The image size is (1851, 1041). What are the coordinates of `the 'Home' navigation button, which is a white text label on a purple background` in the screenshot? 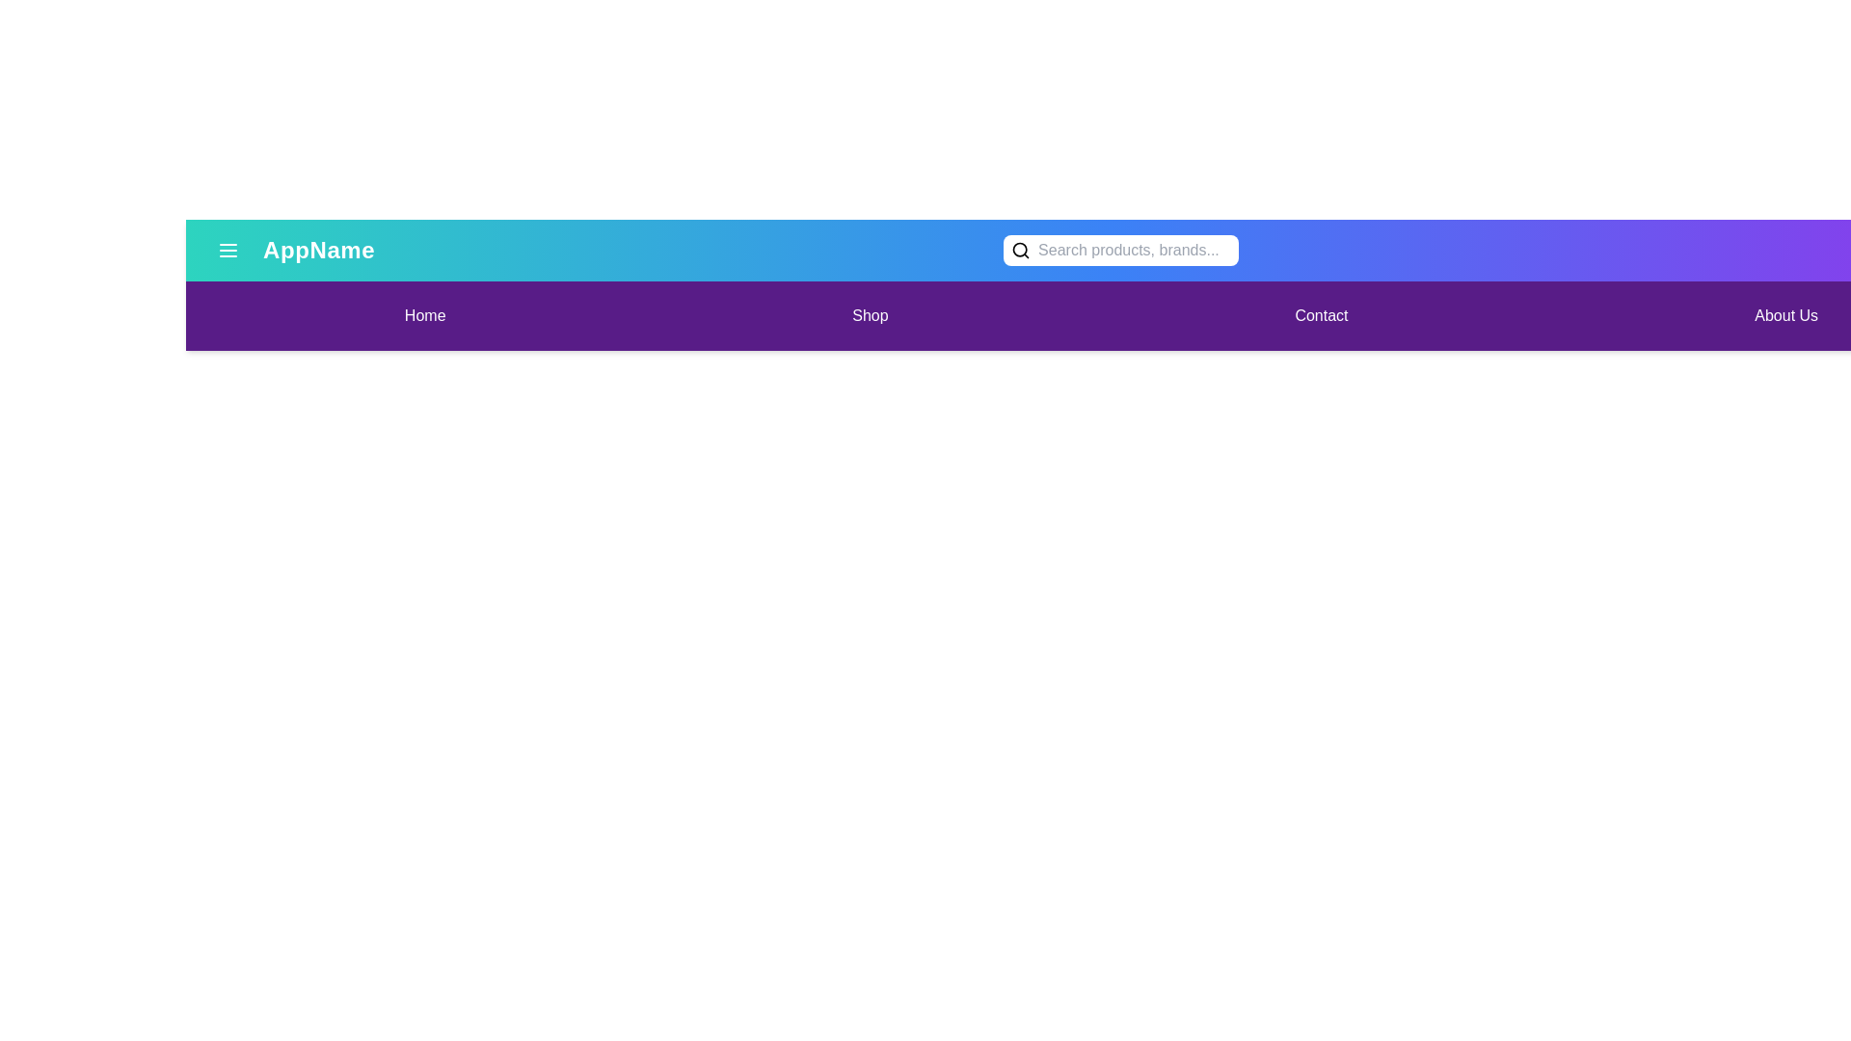 It's located at (424, 314).